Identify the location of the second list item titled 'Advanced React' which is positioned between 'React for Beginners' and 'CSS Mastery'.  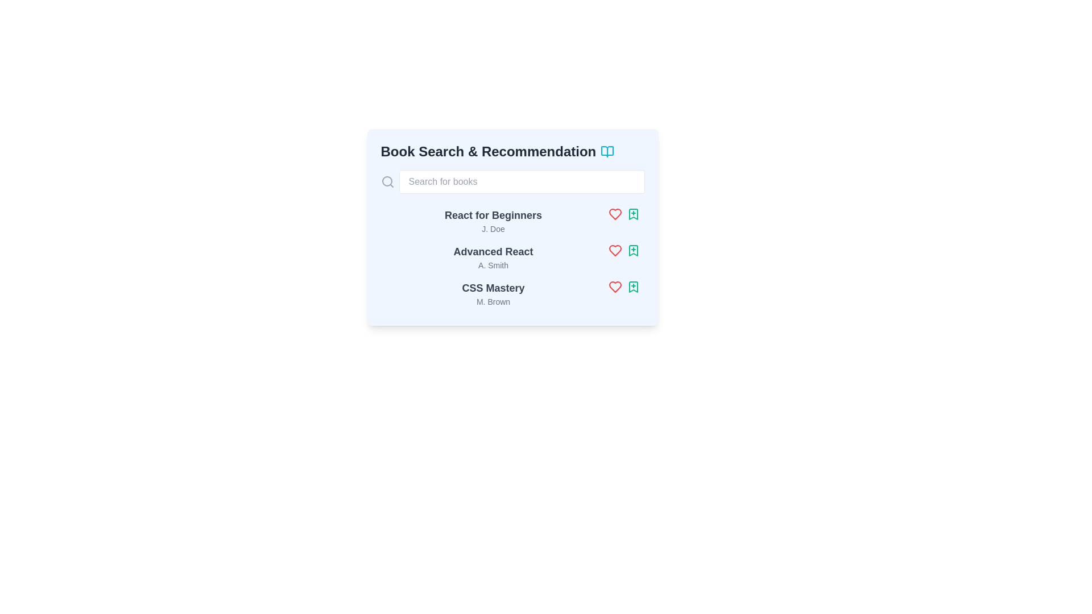
(493, 257).